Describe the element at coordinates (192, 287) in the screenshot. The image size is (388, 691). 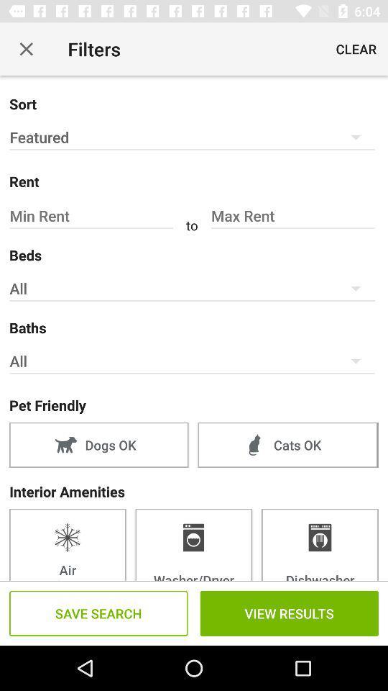
I see `the text all which is above baths` at that location.